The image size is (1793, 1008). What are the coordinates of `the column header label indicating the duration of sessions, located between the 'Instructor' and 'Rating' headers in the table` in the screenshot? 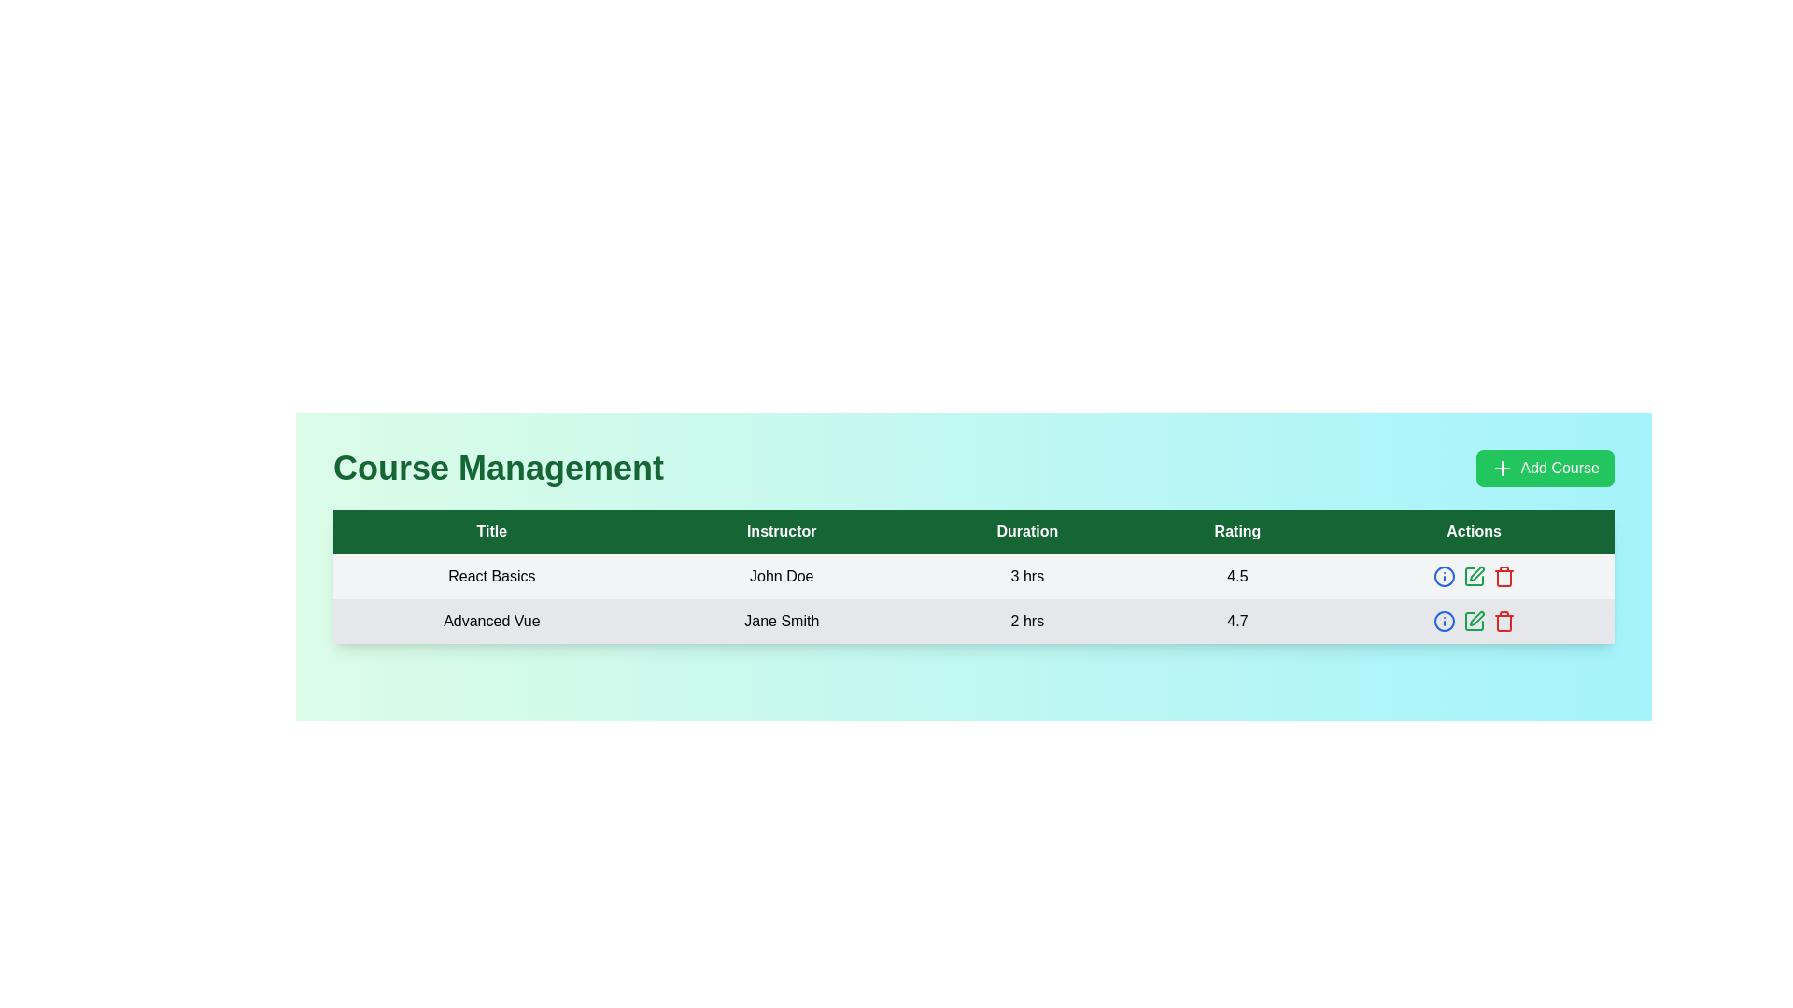 It's located at (1026, 532).